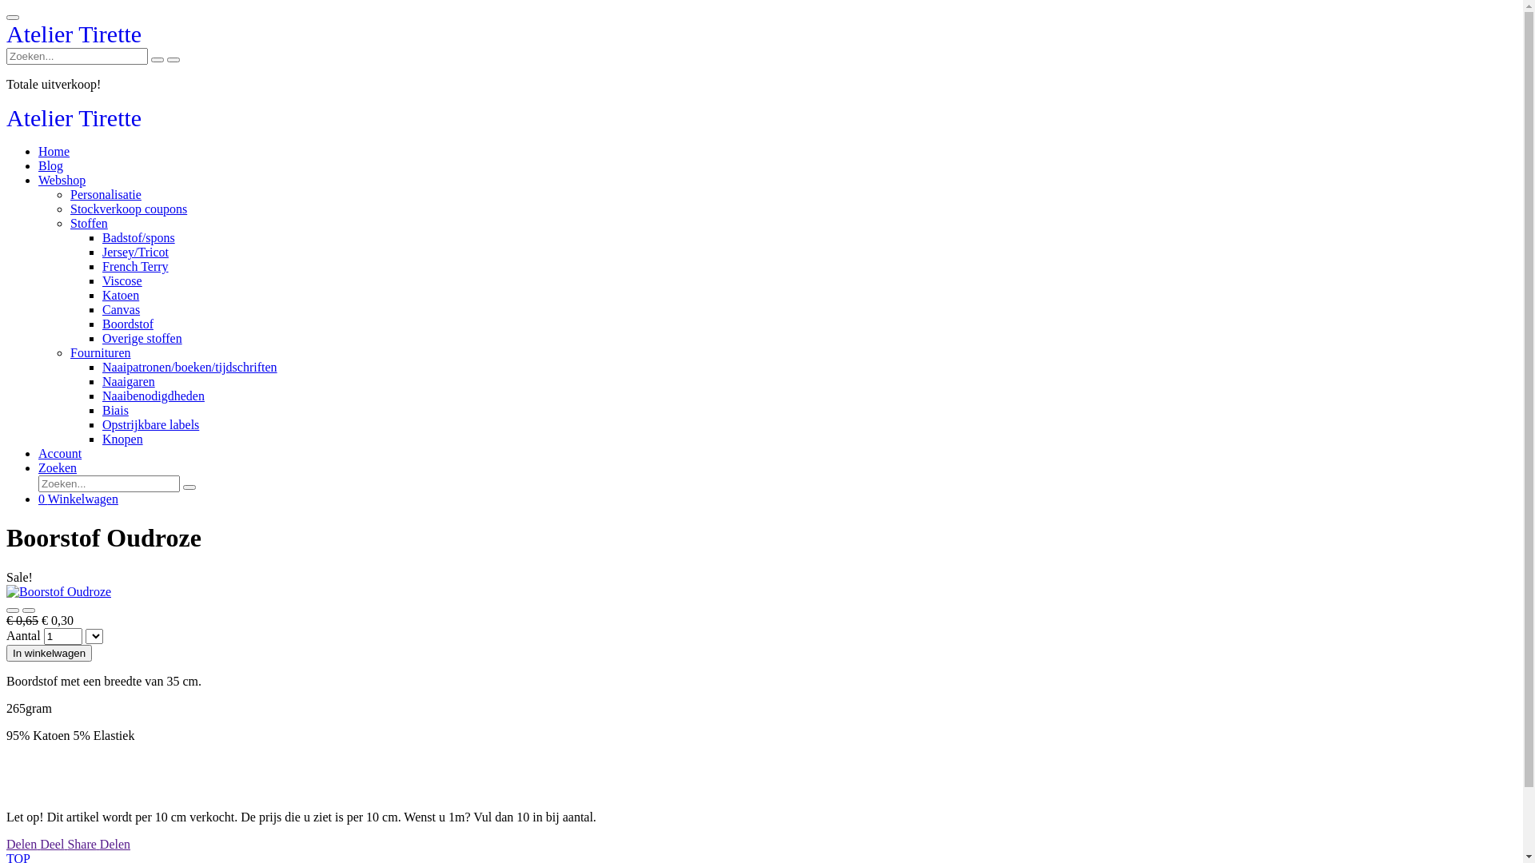 The width and height of the screenshot is (1535, 863). What do you see at coordinates (60, 453) in the screenshot?
I see `'Account'` at bounding box center [60, 453].